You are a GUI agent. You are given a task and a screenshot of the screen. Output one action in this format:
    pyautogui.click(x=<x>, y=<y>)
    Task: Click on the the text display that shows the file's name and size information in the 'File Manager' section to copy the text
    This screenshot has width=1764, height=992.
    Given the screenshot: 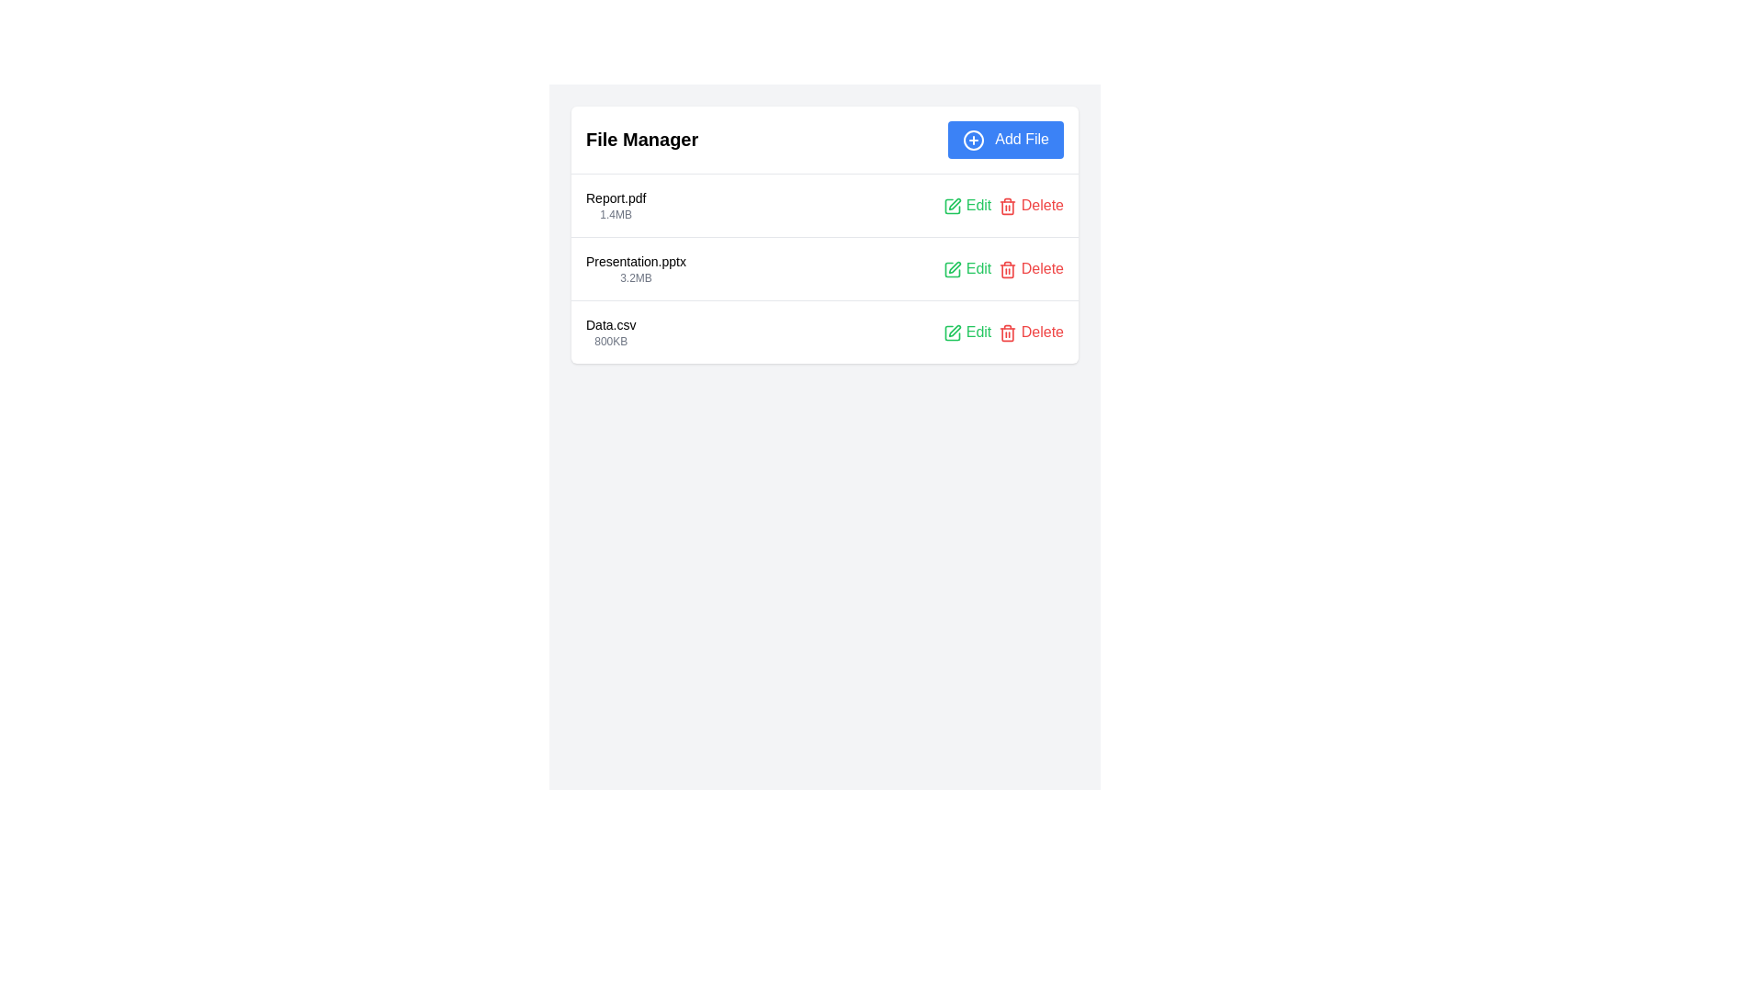 What is the action you would take?
    pyautogui.click(x=616, y=205)
    